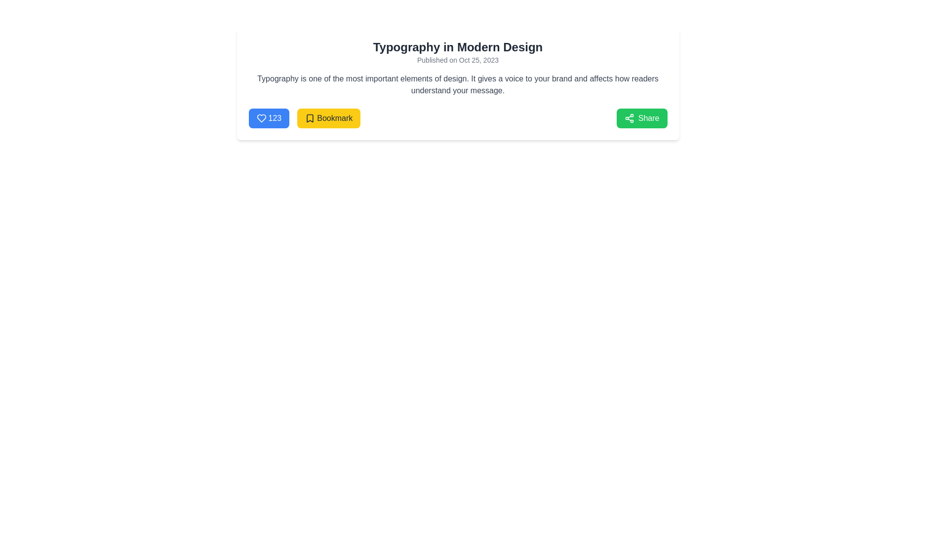 This screenshot has width=948, height=533. I want to click on the 'like' button represented by a heart icon and the count '123', so click(269, 117).